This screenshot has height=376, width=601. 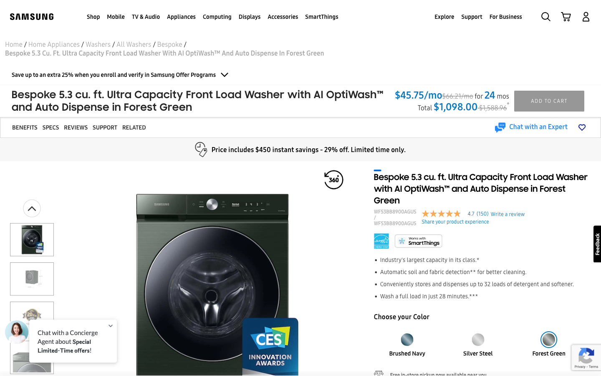 What do you see at coordinates (531, 127) in the screenshot?
I see `a conversation with an expert by selecting the chat option` at bounding box center [531, 127].